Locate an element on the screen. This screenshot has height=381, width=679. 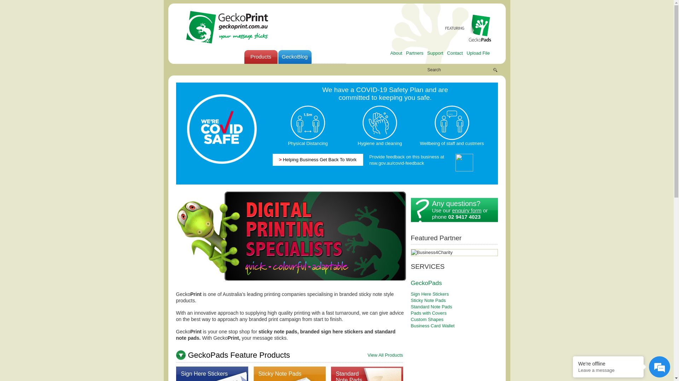
'Custom Shapes' is located at coordinates (427, 319).